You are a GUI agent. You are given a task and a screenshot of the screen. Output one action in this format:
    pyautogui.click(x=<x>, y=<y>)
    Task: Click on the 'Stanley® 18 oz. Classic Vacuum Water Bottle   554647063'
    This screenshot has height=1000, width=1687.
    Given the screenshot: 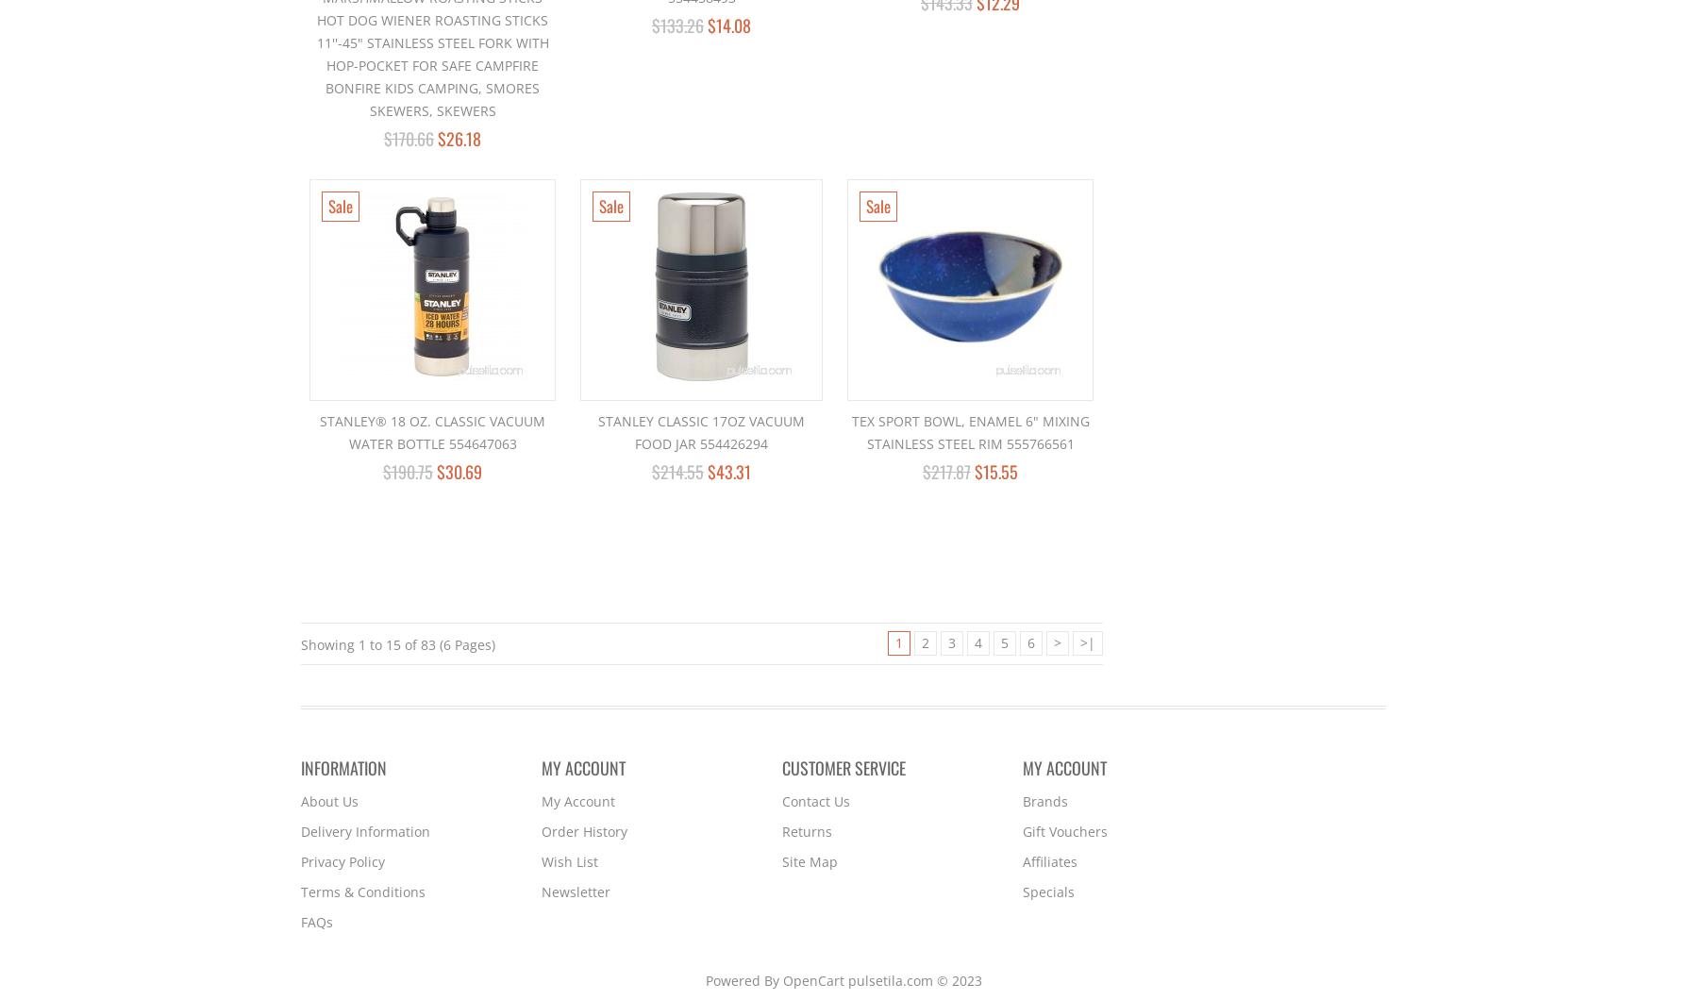 What is the action you would take?
    pyautogui.click(x=432, y=431)
    